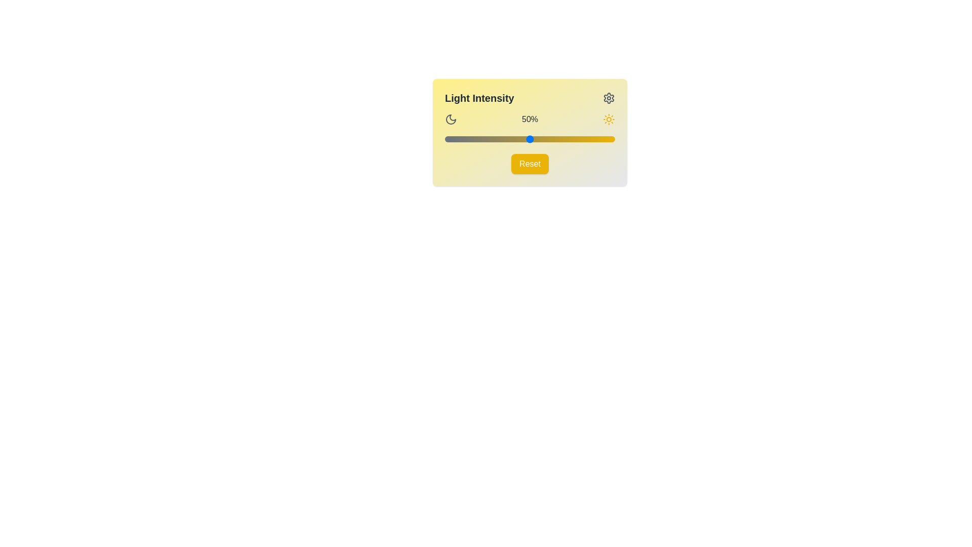 The image size is (972, 547). I want to click on the brightness slider to 61%, so click(548, 139).